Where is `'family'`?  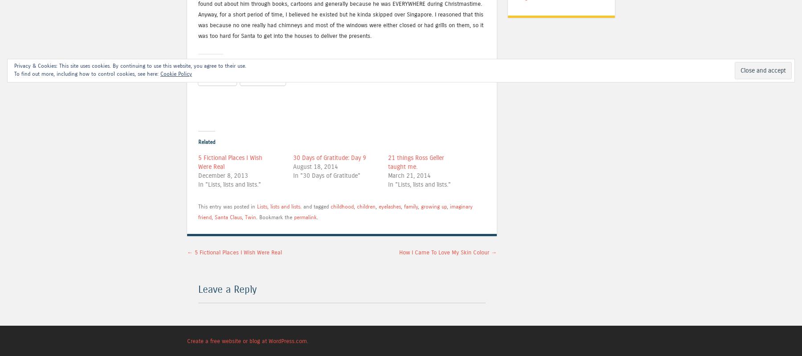 'family' is located at coordinates (410, 206).